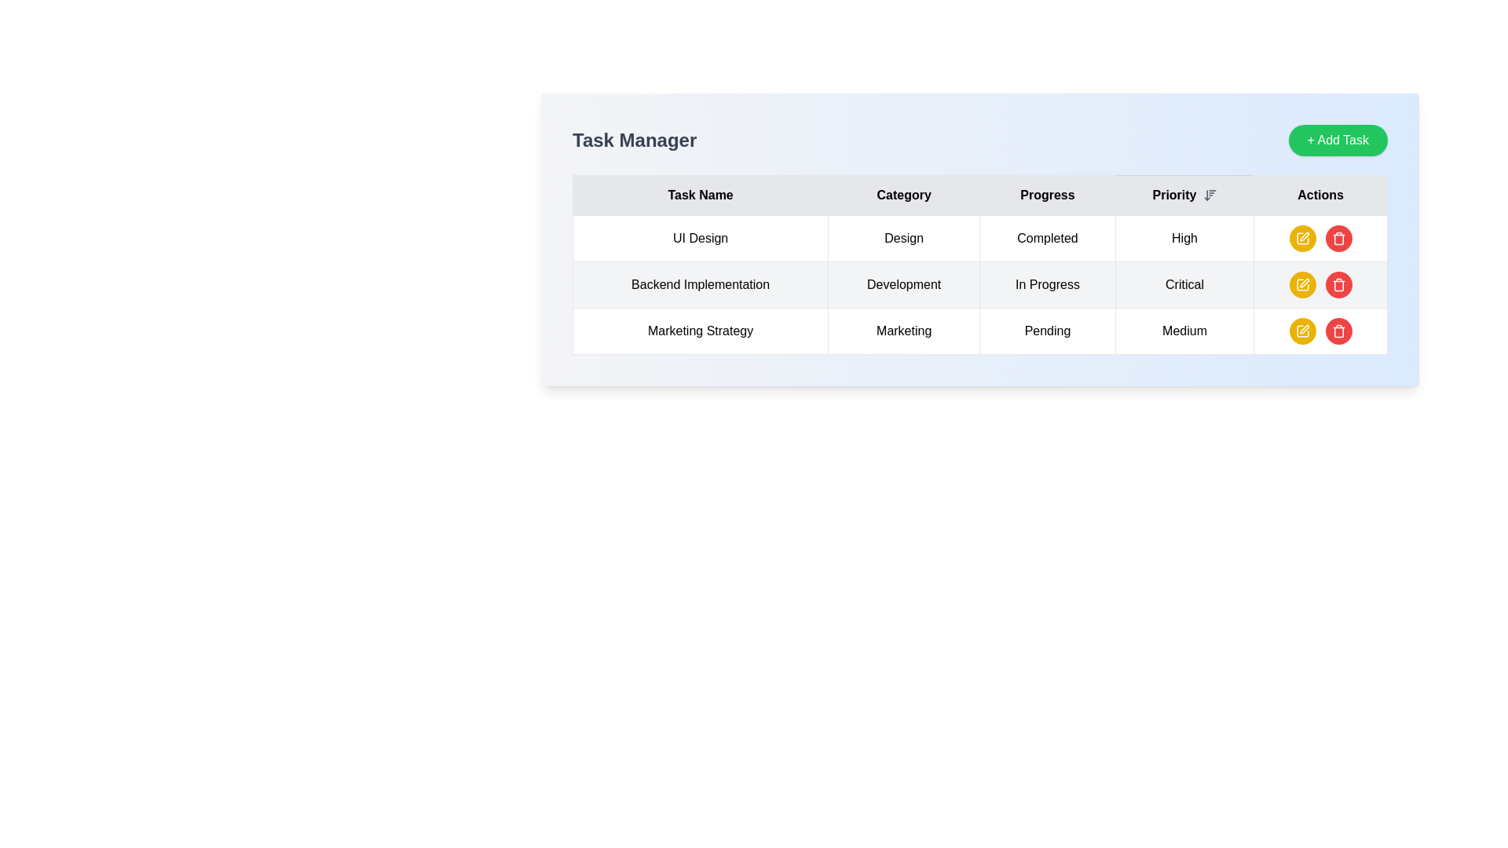 The height and width of the screenshot is (848, 1508). Describe the element at coordinates (1302, 330) in the screenshot. I see `the yellow pen icon button in the 'Actions' column for the 'Marketing Strategy' task to initiate editing` at that location.